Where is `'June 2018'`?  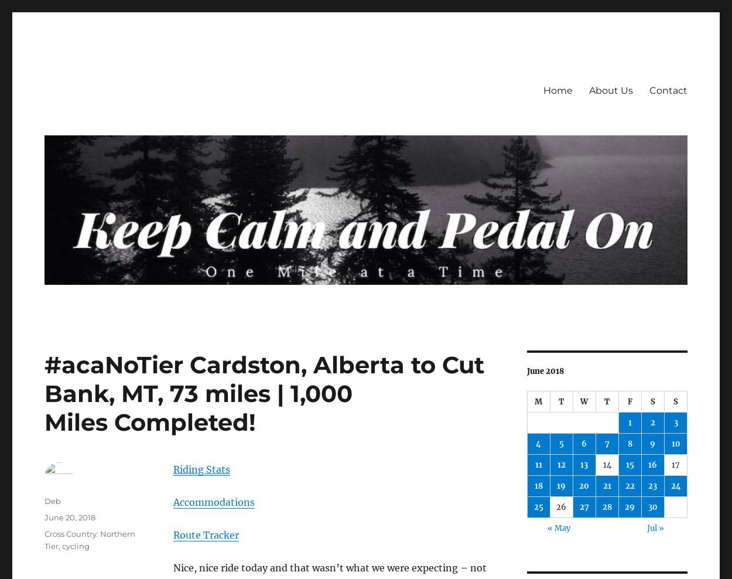 'June 2018' is located at coordinates (526, 370).